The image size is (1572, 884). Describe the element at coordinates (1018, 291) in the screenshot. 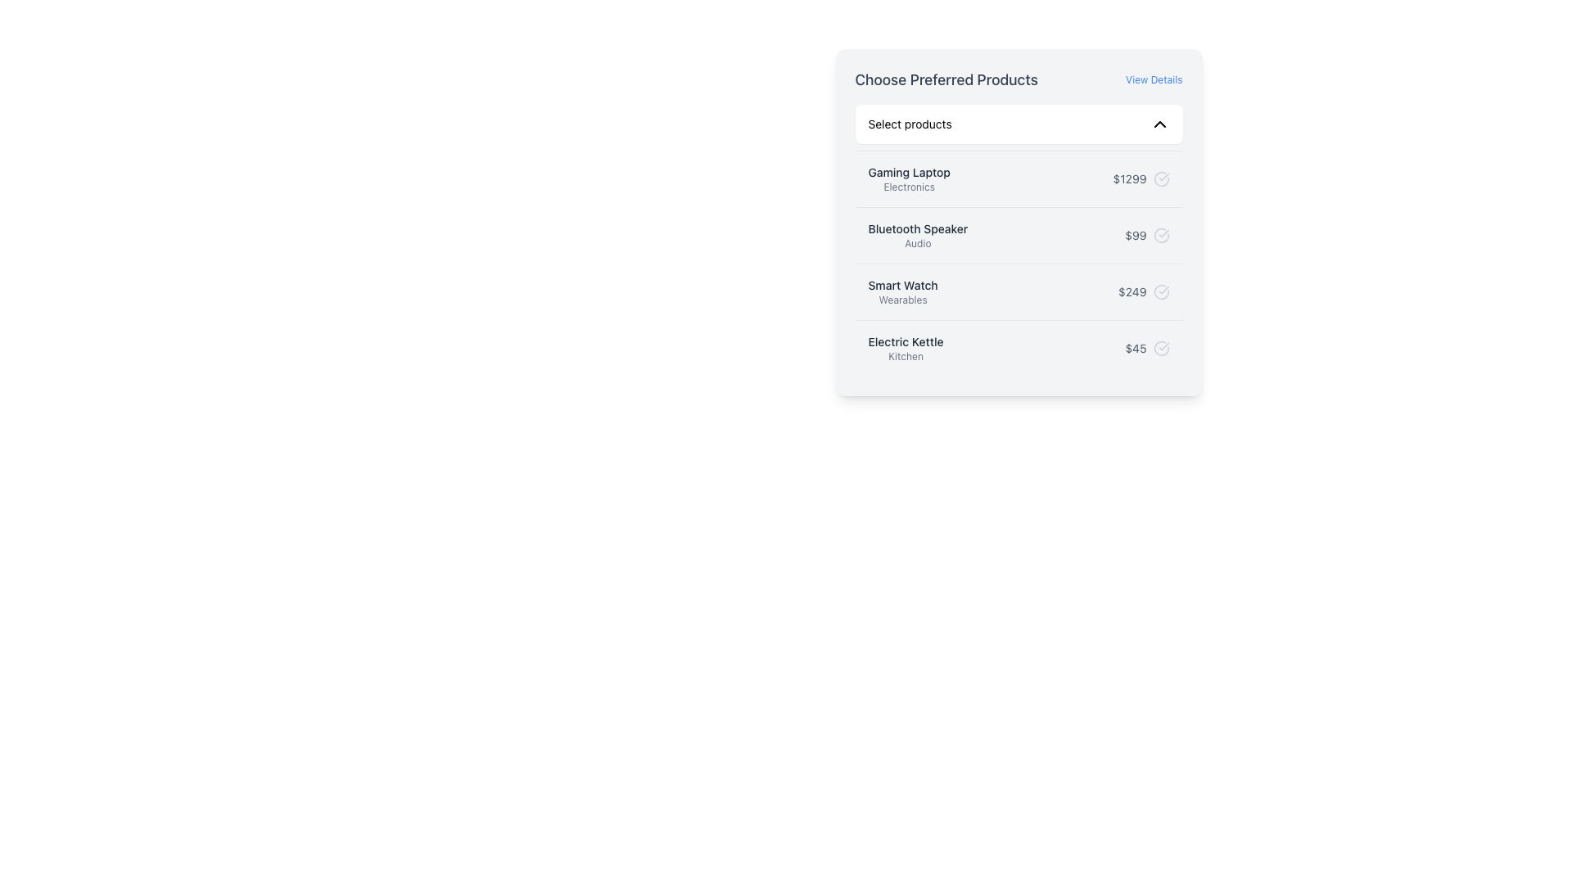

I see `the third list item that describes 'Smart Watch' with a price of '$249'` at that location.